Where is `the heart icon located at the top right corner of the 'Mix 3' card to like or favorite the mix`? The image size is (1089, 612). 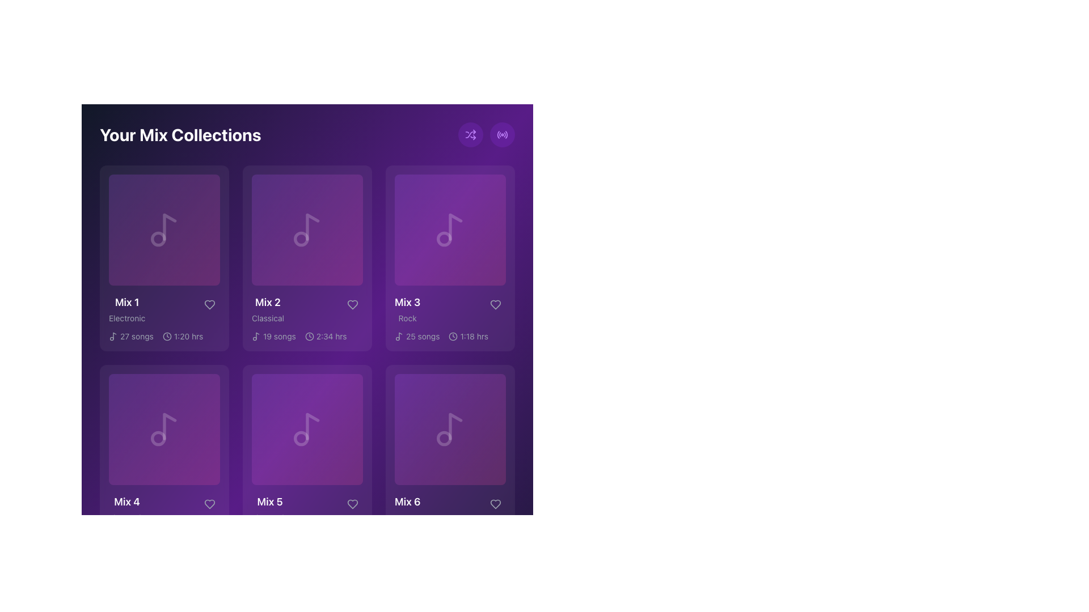 the heart icon located at the top right corner of the 'Mix 3' card to like or favorite the mix is located at coordinates (495, 304).